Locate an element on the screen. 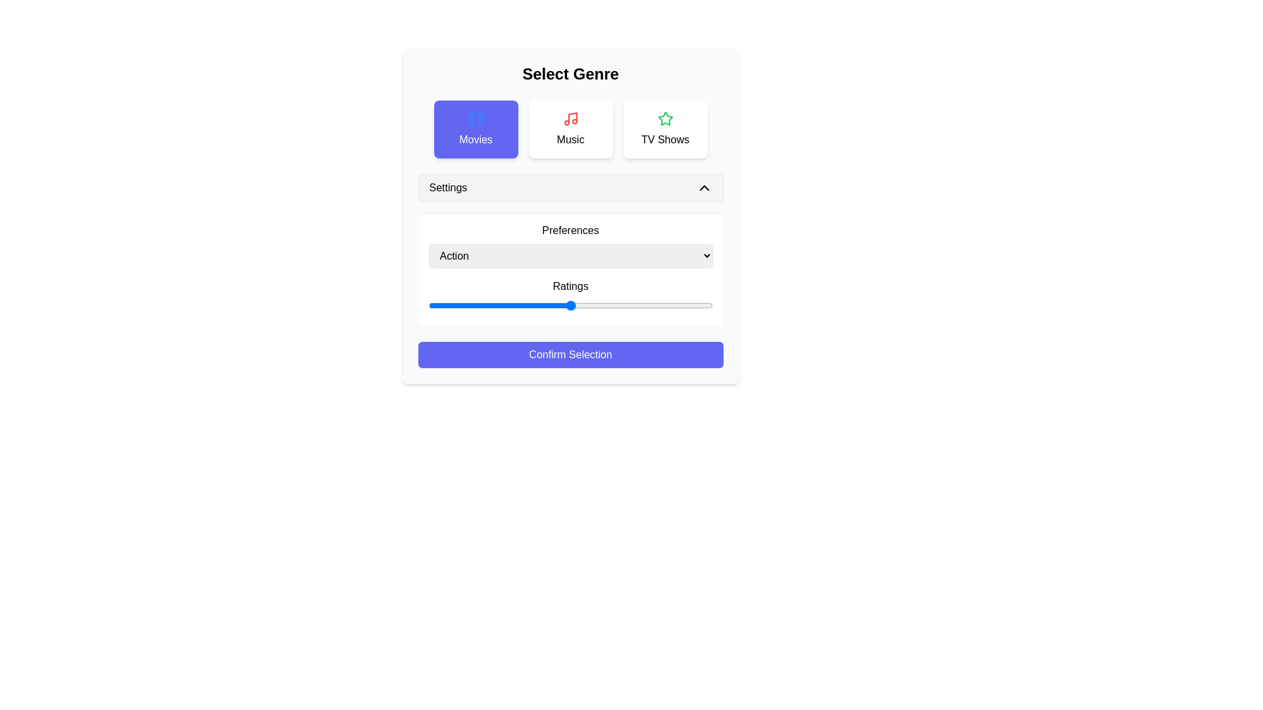 This screenshot has width=1263, height=710. the Text label that serves as a section or settings area indicator within the horizontal bar below the genre selection panel is located at coordinates (448, 187).